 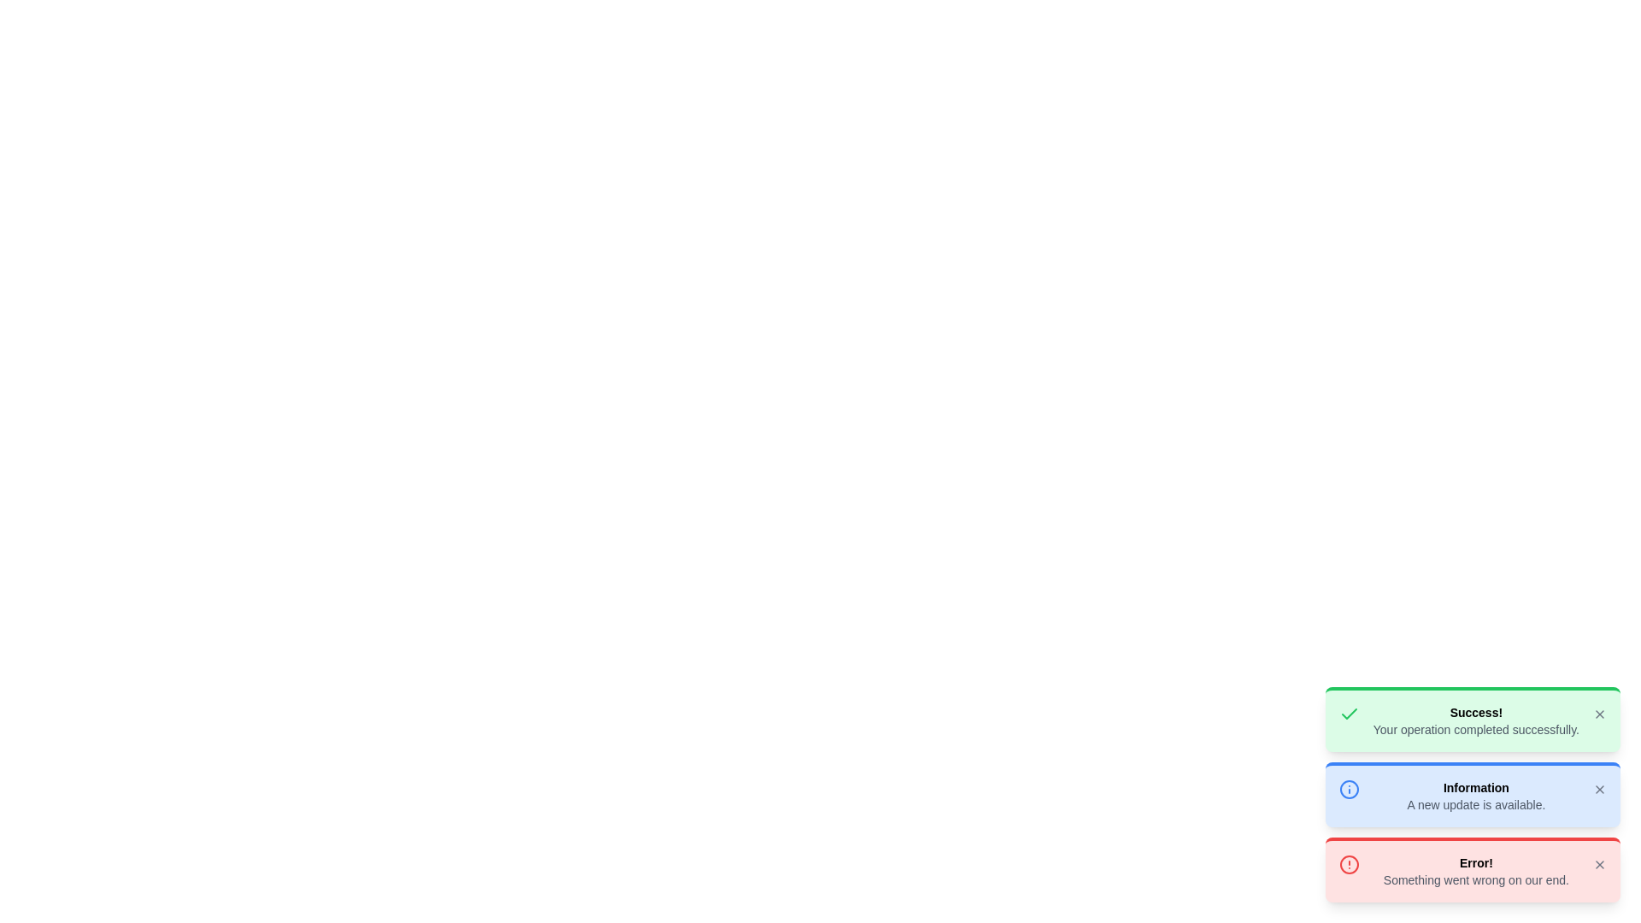 I want to click on the close button located in the top-right corner of the green notification box that displays 'Success! Your operation completed successfully.', so click(x=1599, y=714).